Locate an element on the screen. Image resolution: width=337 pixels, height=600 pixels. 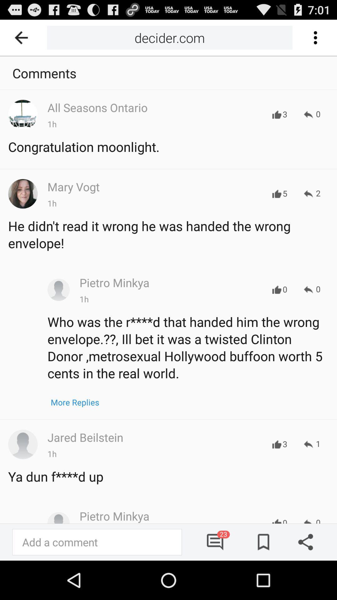
profile of pietro minkya is located at coordinates (58, 289).